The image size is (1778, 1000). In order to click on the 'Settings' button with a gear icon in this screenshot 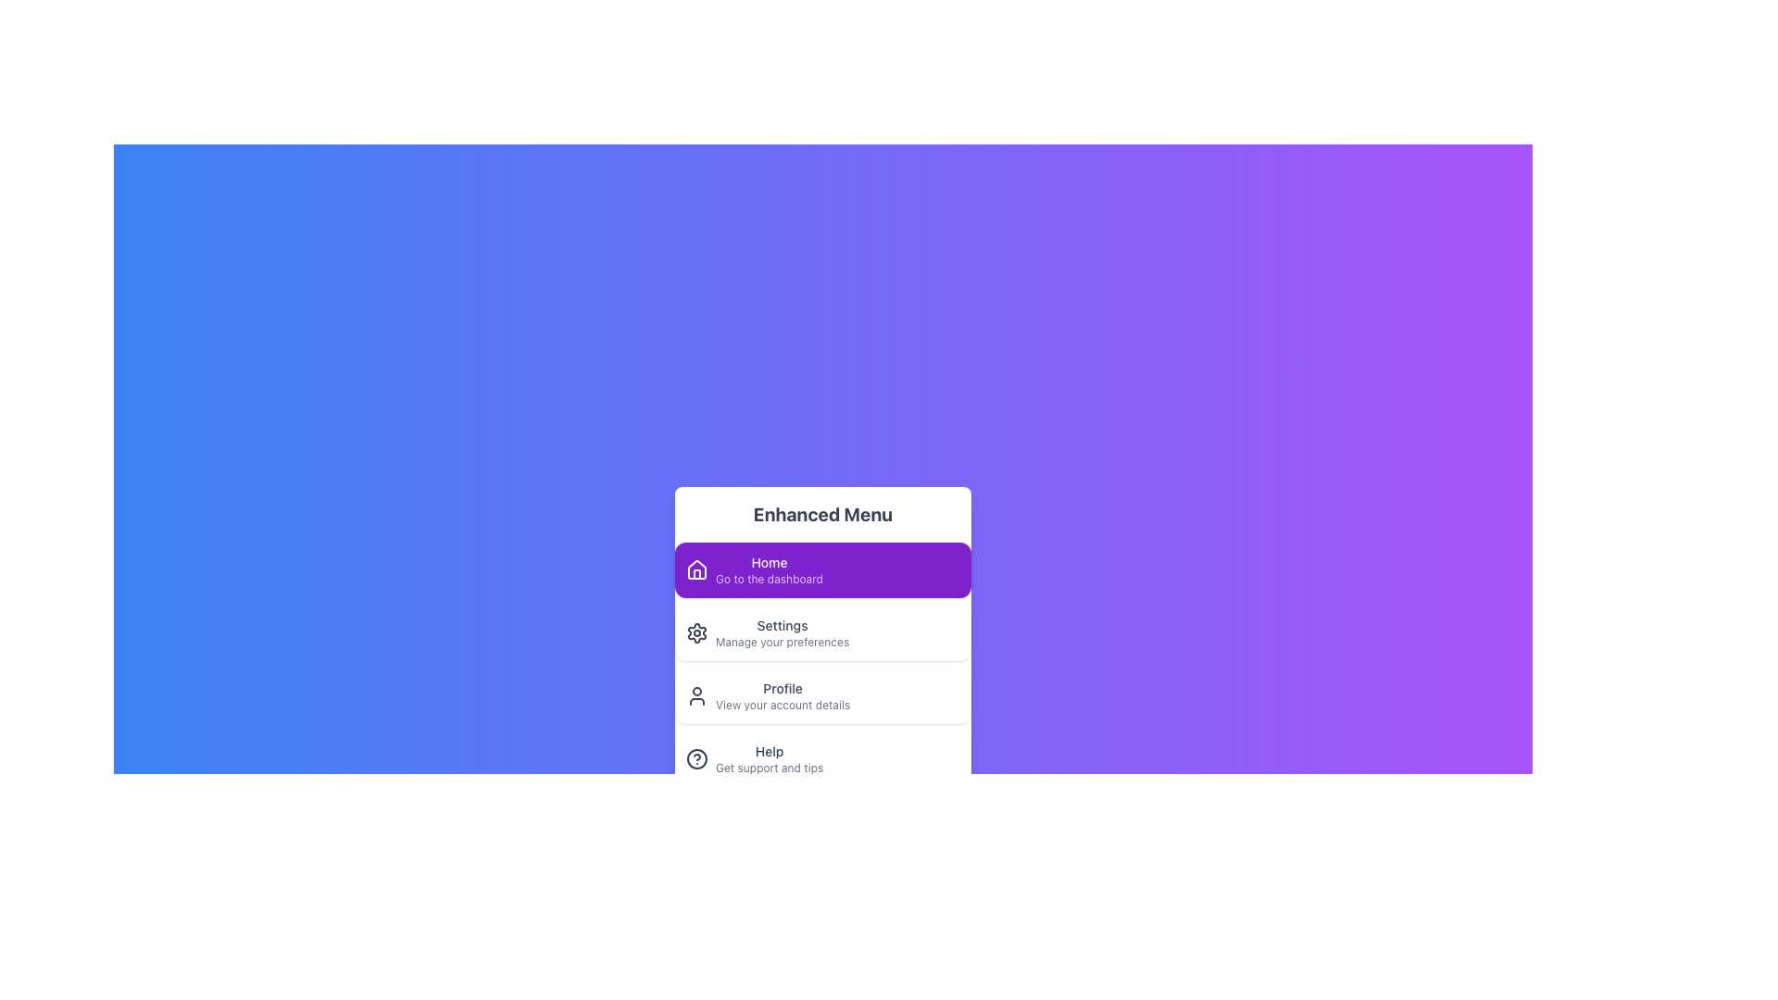, I will do `click(821, 631)`.